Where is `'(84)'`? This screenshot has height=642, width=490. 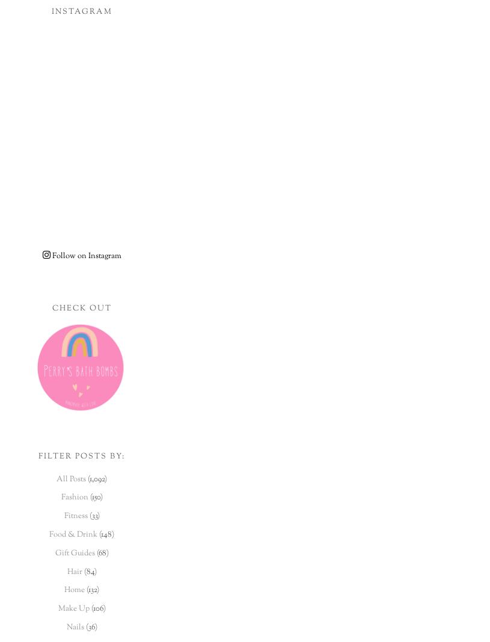
'(84)' is located at coordinates (89, 571).